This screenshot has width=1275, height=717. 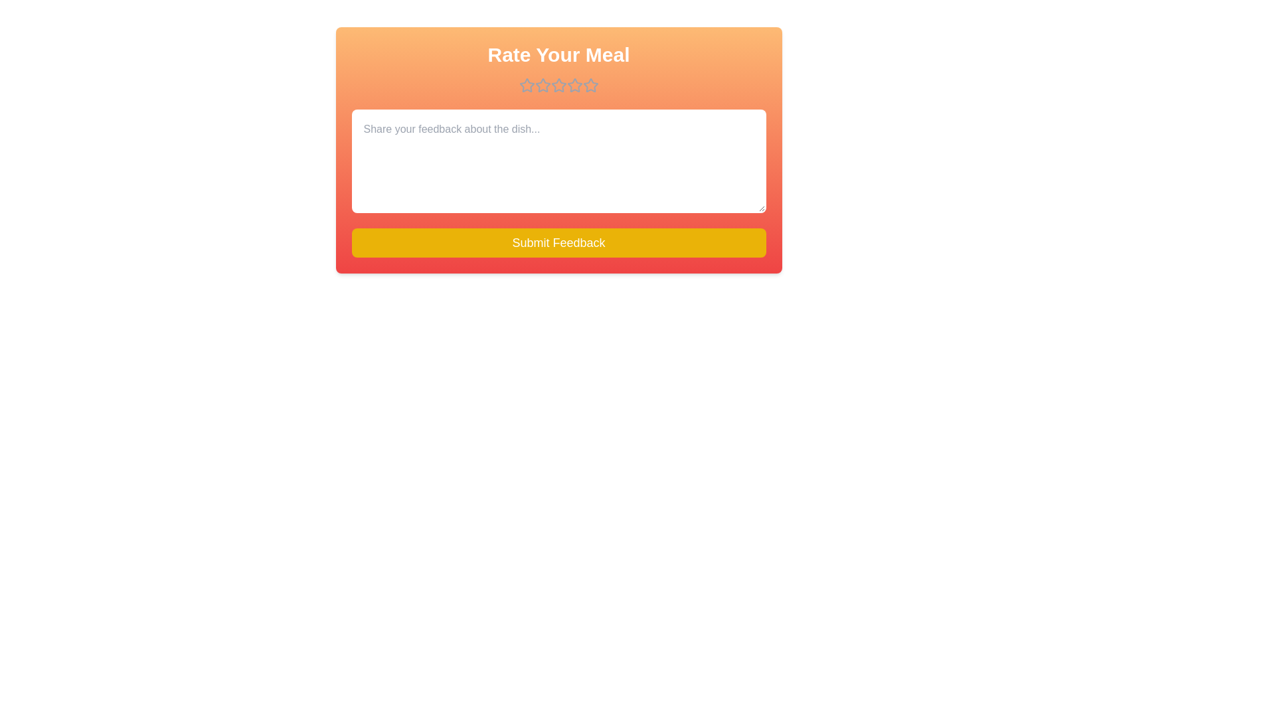 I want to click on the text area and type the feedback text, so click(x=558, y=161).